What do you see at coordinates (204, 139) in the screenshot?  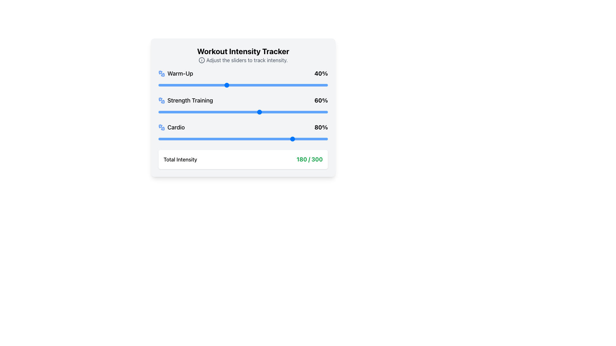 I see `the cardio intensity slider` at bounding box center [204, 139].